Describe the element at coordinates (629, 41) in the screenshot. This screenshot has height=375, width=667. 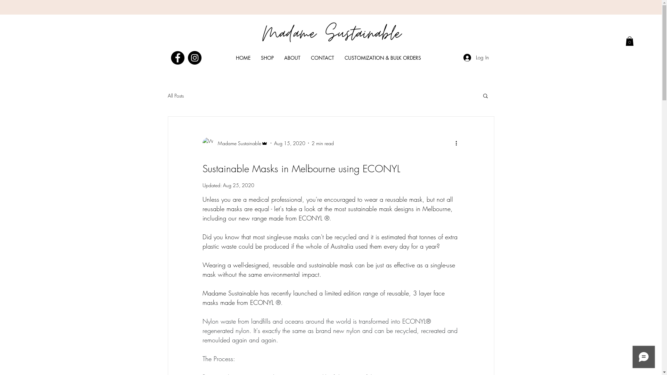
I see `'0'` at that location.